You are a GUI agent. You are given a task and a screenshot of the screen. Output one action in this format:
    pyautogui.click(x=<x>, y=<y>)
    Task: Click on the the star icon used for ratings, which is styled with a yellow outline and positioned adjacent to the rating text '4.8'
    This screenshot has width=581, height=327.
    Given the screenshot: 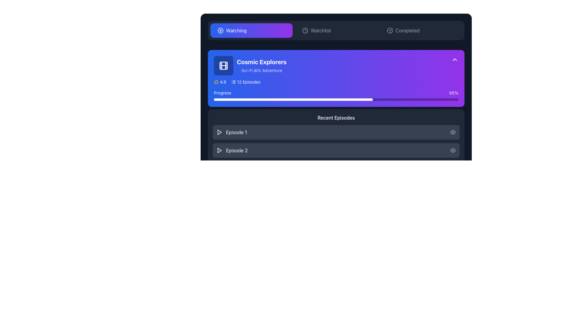 What is the action you would take?
    pyautogui.click(x=216, y=82)
    